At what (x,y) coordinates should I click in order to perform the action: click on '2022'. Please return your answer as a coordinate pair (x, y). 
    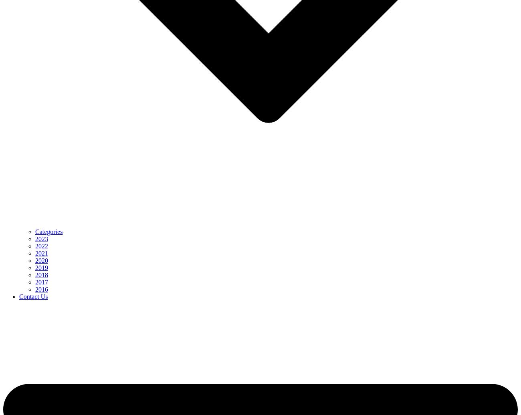
    Looking at the image, I should click on (42, 246).